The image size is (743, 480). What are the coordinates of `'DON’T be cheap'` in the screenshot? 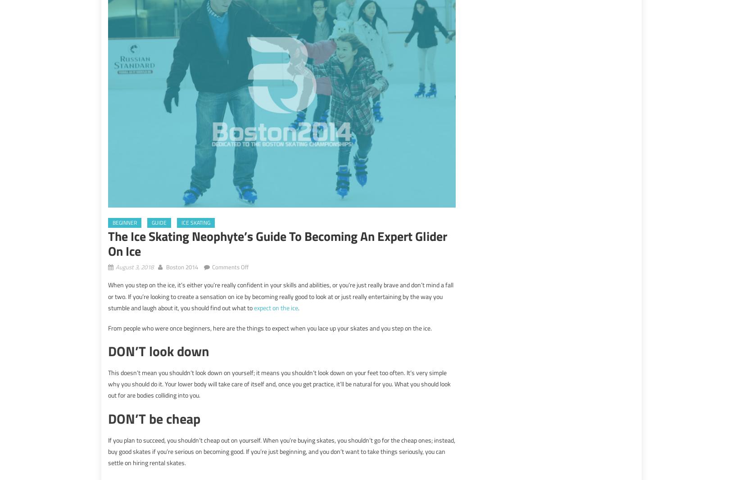 It's located at (154, 418).